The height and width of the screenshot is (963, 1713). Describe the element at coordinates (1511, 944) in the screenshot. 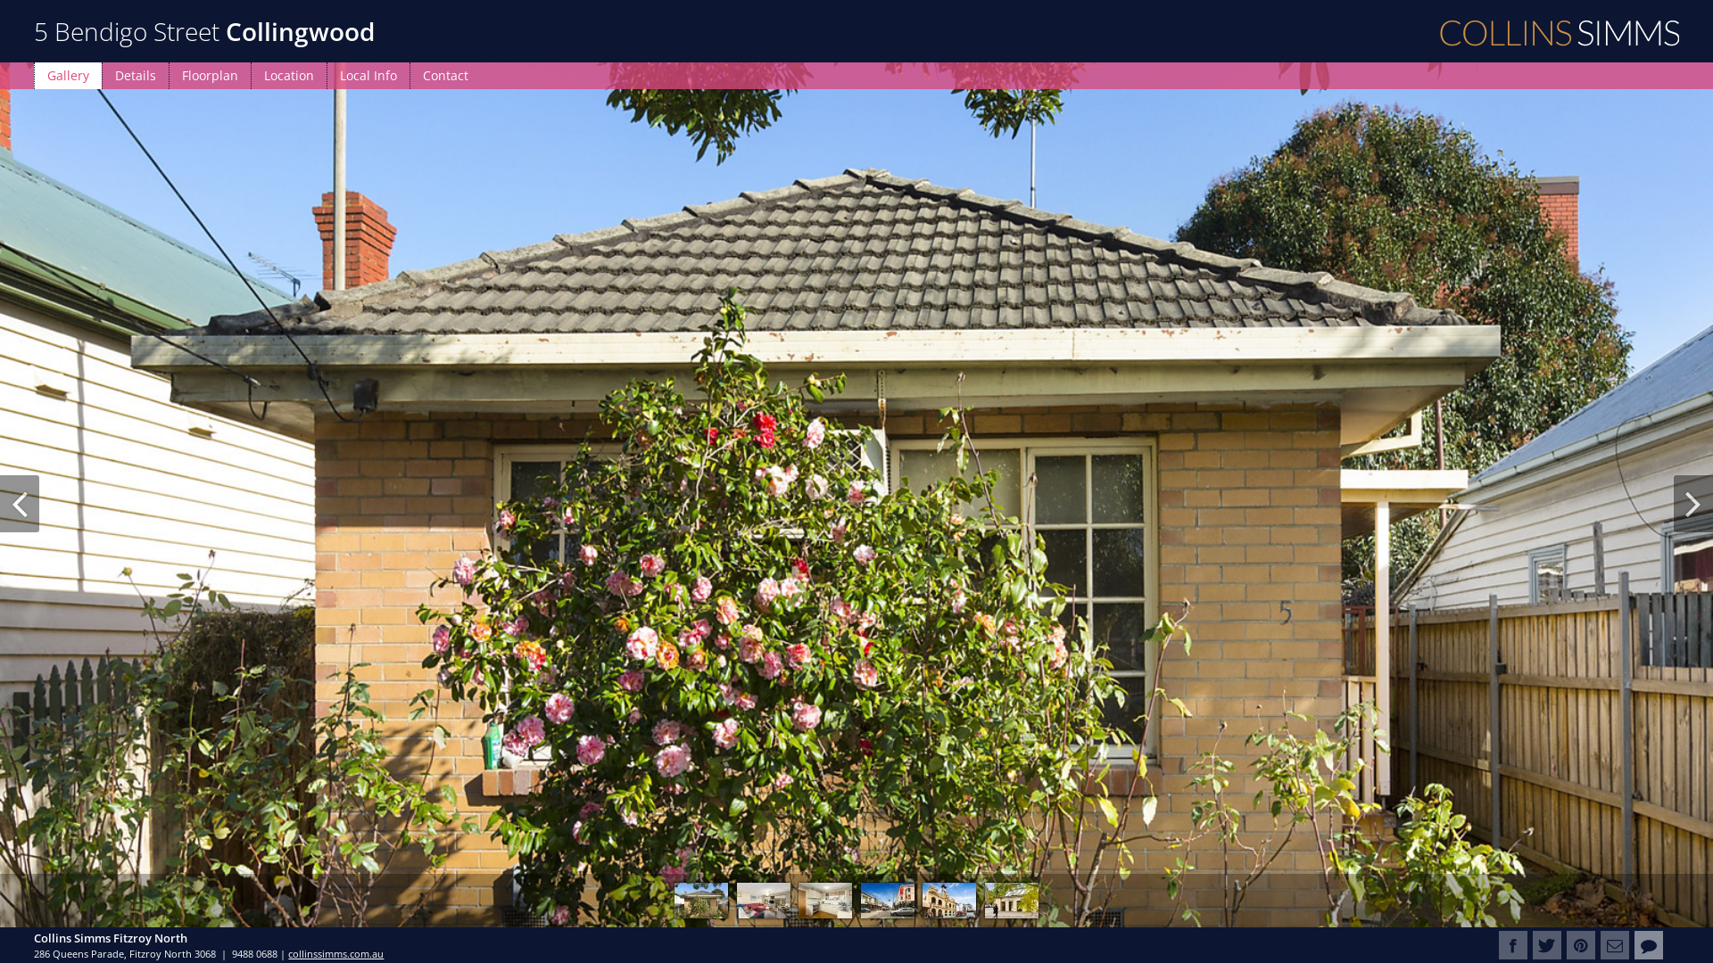

I see `'Share this property on Facebook'` at that location.